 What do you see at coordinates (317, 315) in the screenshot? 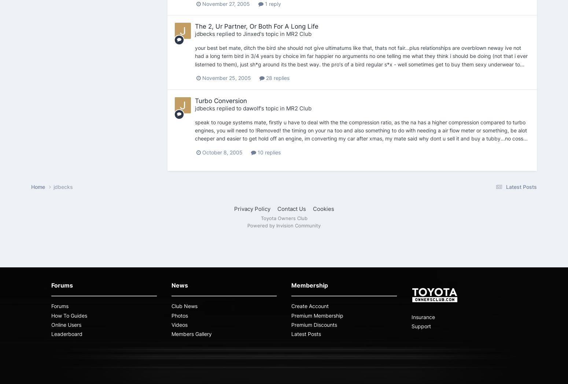
I see `'Premium Membership'` at bounding box center [317, 315].